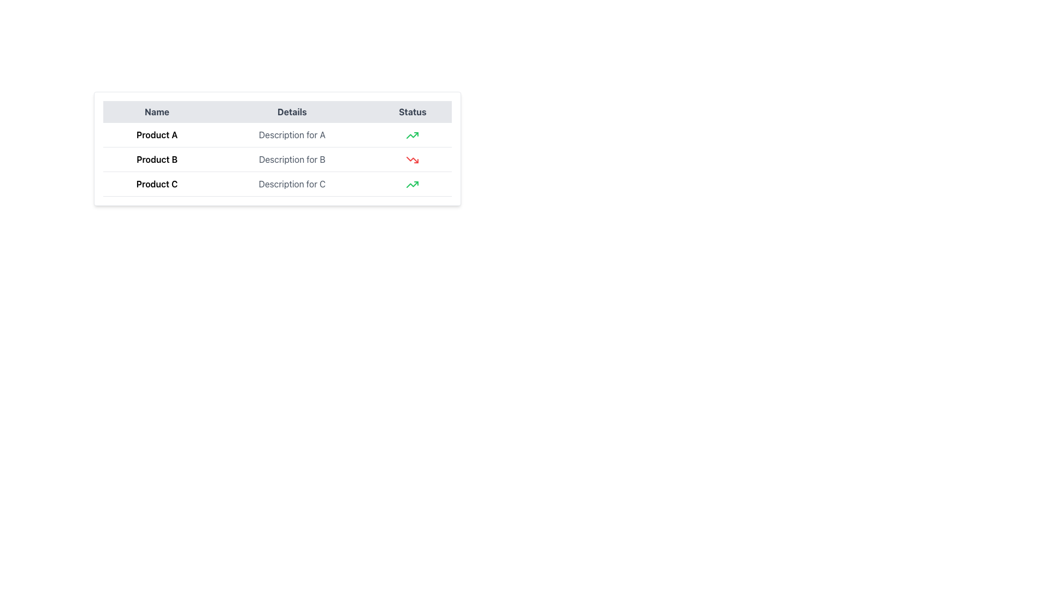 The width and height of the screenshot is (1049, 590). What do you see at coordinates (292, 160) in the screenshot?
I see `the static text label providing additional descriptive text for 'Product B' located in the second row of the 'Details' column in the table` at bounding box center [292, 160].